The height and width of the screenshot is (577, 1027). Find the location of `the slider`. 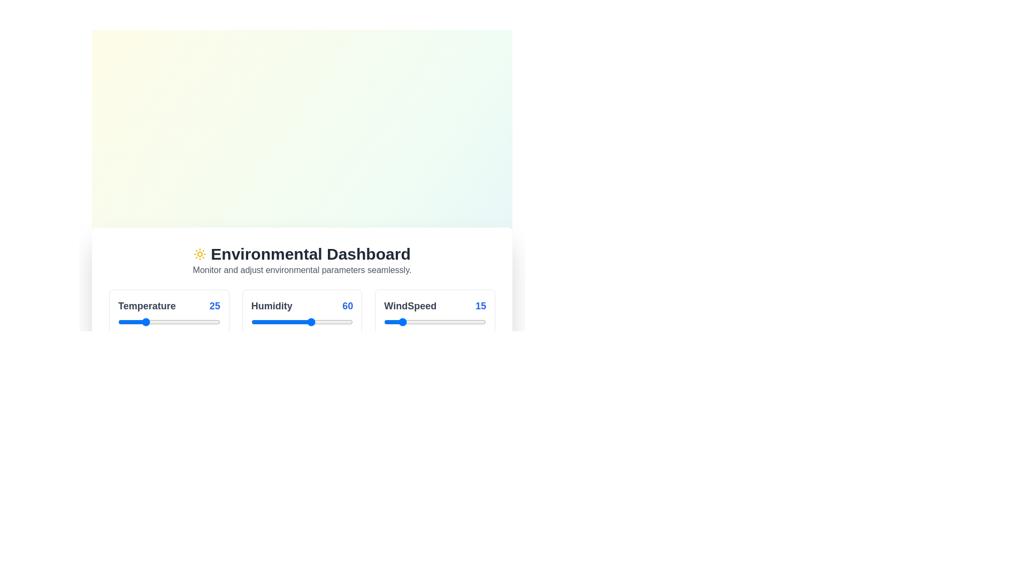

the slider is located at coordinates (174, 321).